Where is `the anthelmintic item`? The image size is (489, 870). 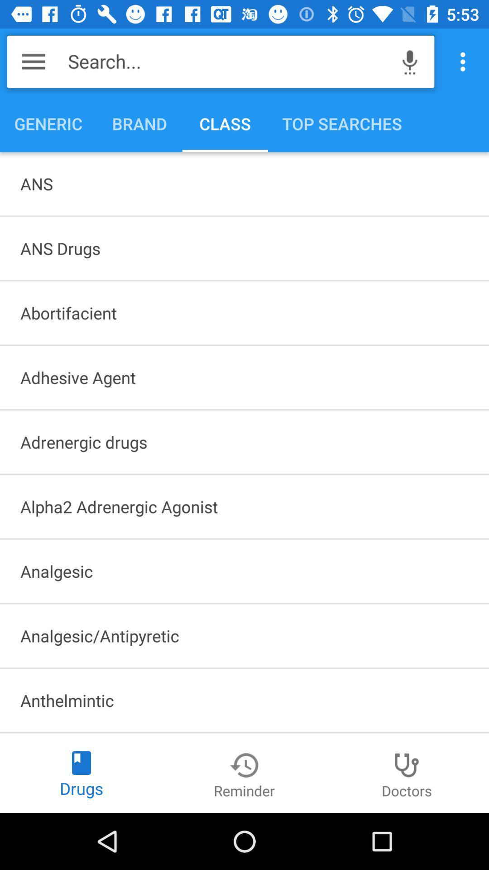
the anthelmintic item is located at coordinates (244, 700).